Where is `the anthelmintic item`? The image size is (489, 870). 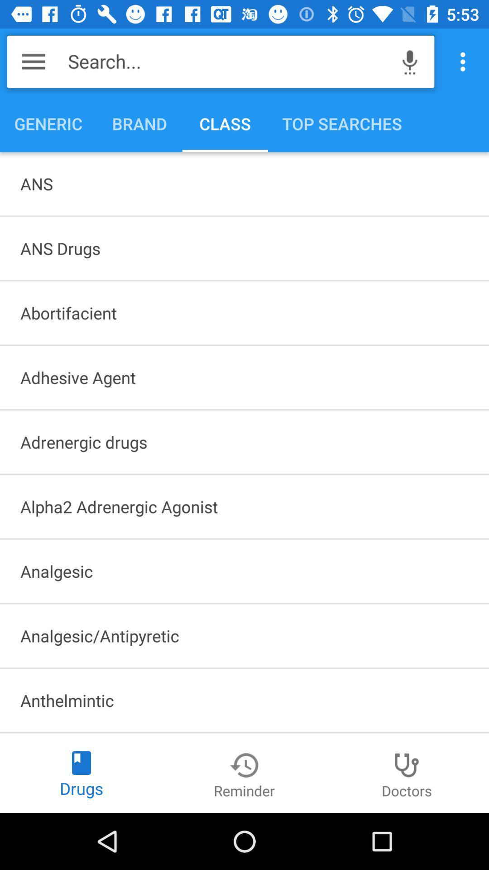
the anthelmintic item is located at coordinates (244, 700).